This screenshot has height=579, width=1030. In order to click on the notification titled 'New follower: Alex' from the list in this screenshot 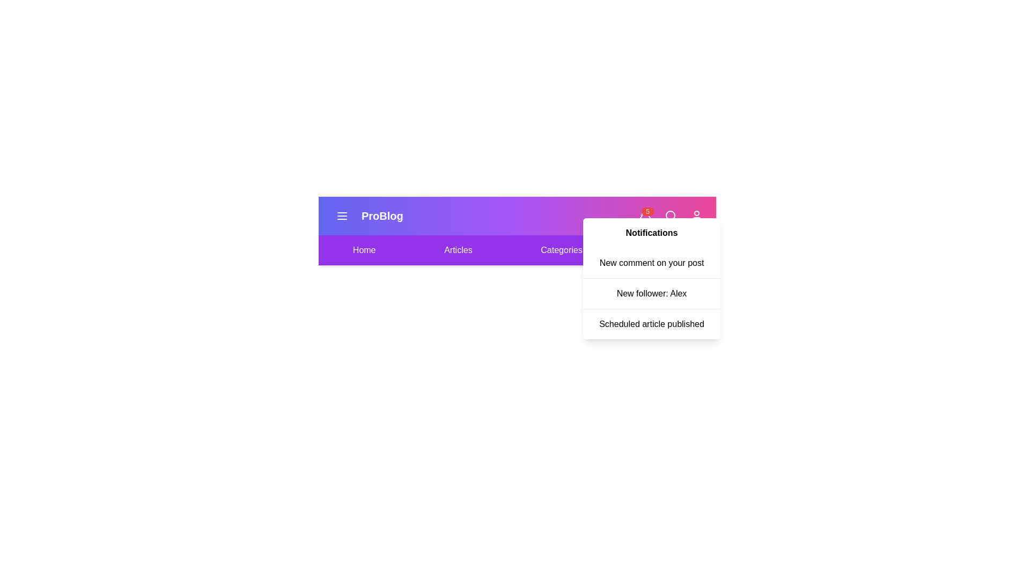, I will do `click(651, 293)`.